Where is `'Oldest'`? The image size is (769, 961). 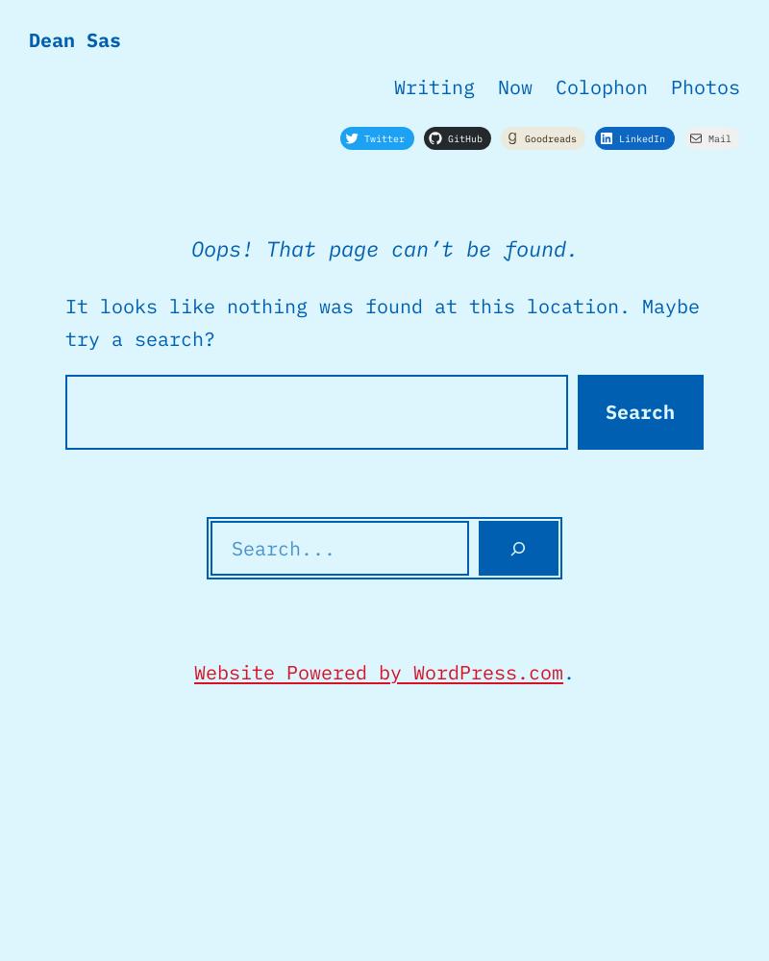
'Oldest' is located at coordinates (230, 136).